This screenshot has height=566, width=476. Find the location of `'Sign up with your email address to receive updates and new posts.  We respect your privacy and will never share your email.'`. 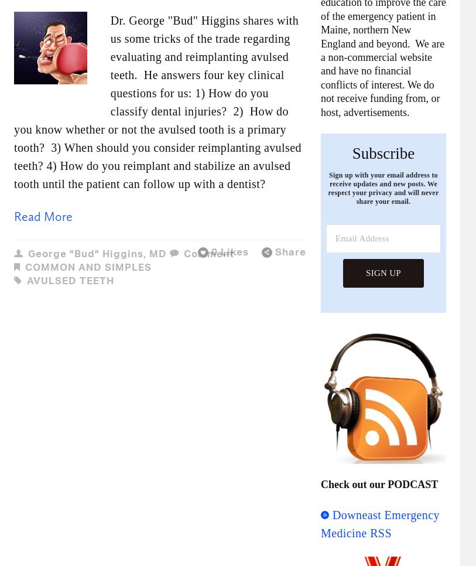

'Sign up with your email address to receive updates and new posts.  We respect your privacy and will never share your email.' is located at coordinates (383, 188).